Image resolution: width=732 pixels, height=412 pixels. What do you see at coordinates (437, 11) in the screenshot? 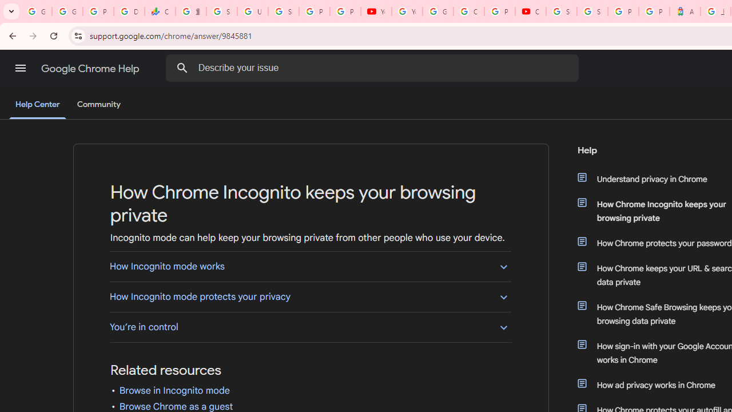
I see `'Google Account Help'` at bounding box center [437, 11].